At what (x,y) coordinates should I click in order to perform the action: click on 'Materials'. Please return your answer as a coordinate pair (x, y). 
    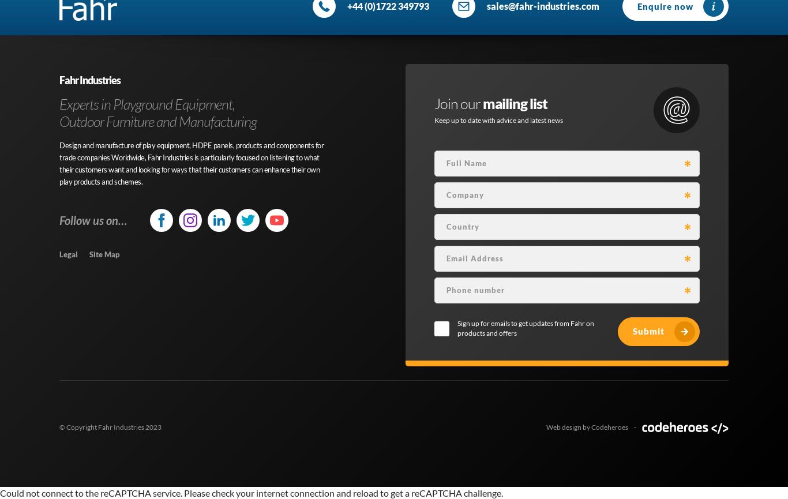
    Looking at the image, I should click on (209, 55).